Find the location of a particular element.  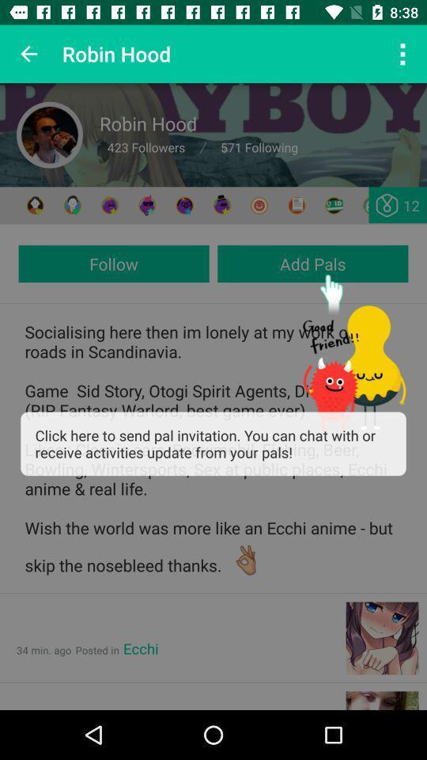

change a setting is located at coordinates (371, 204).